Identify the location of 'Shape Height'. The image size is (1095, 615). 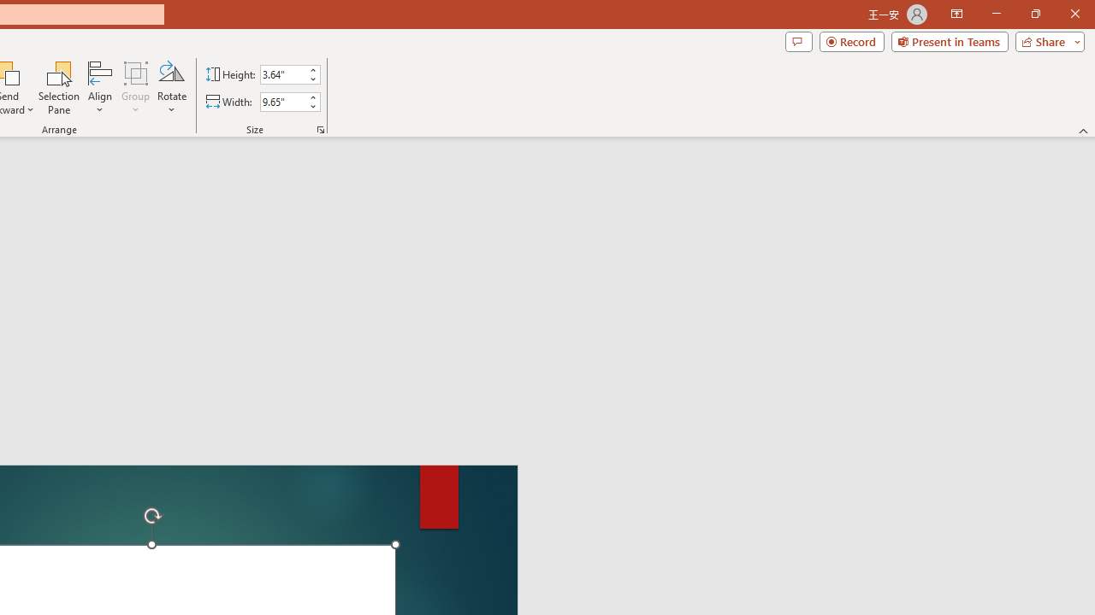
(282, 73).